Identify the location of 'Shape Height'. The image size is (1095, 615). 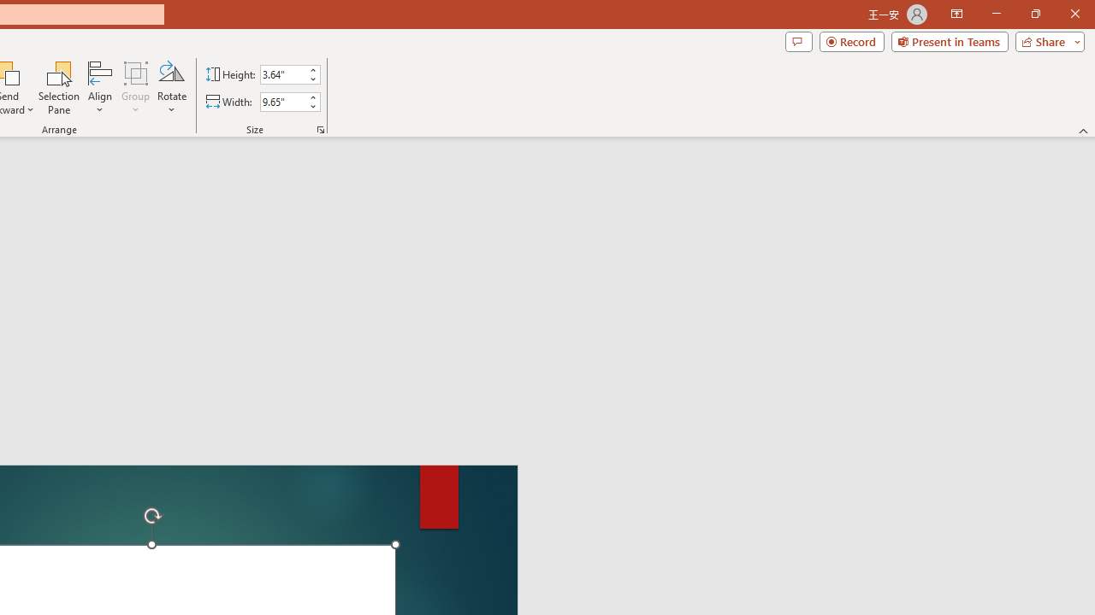
(282, 73).